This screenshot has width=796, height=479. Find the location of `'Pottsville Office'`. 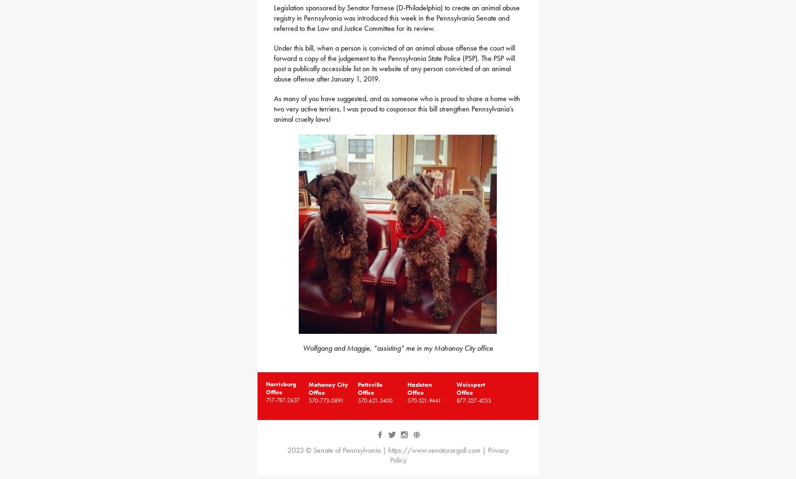

'Pottsville Office' is located at coordinates (369, 388).